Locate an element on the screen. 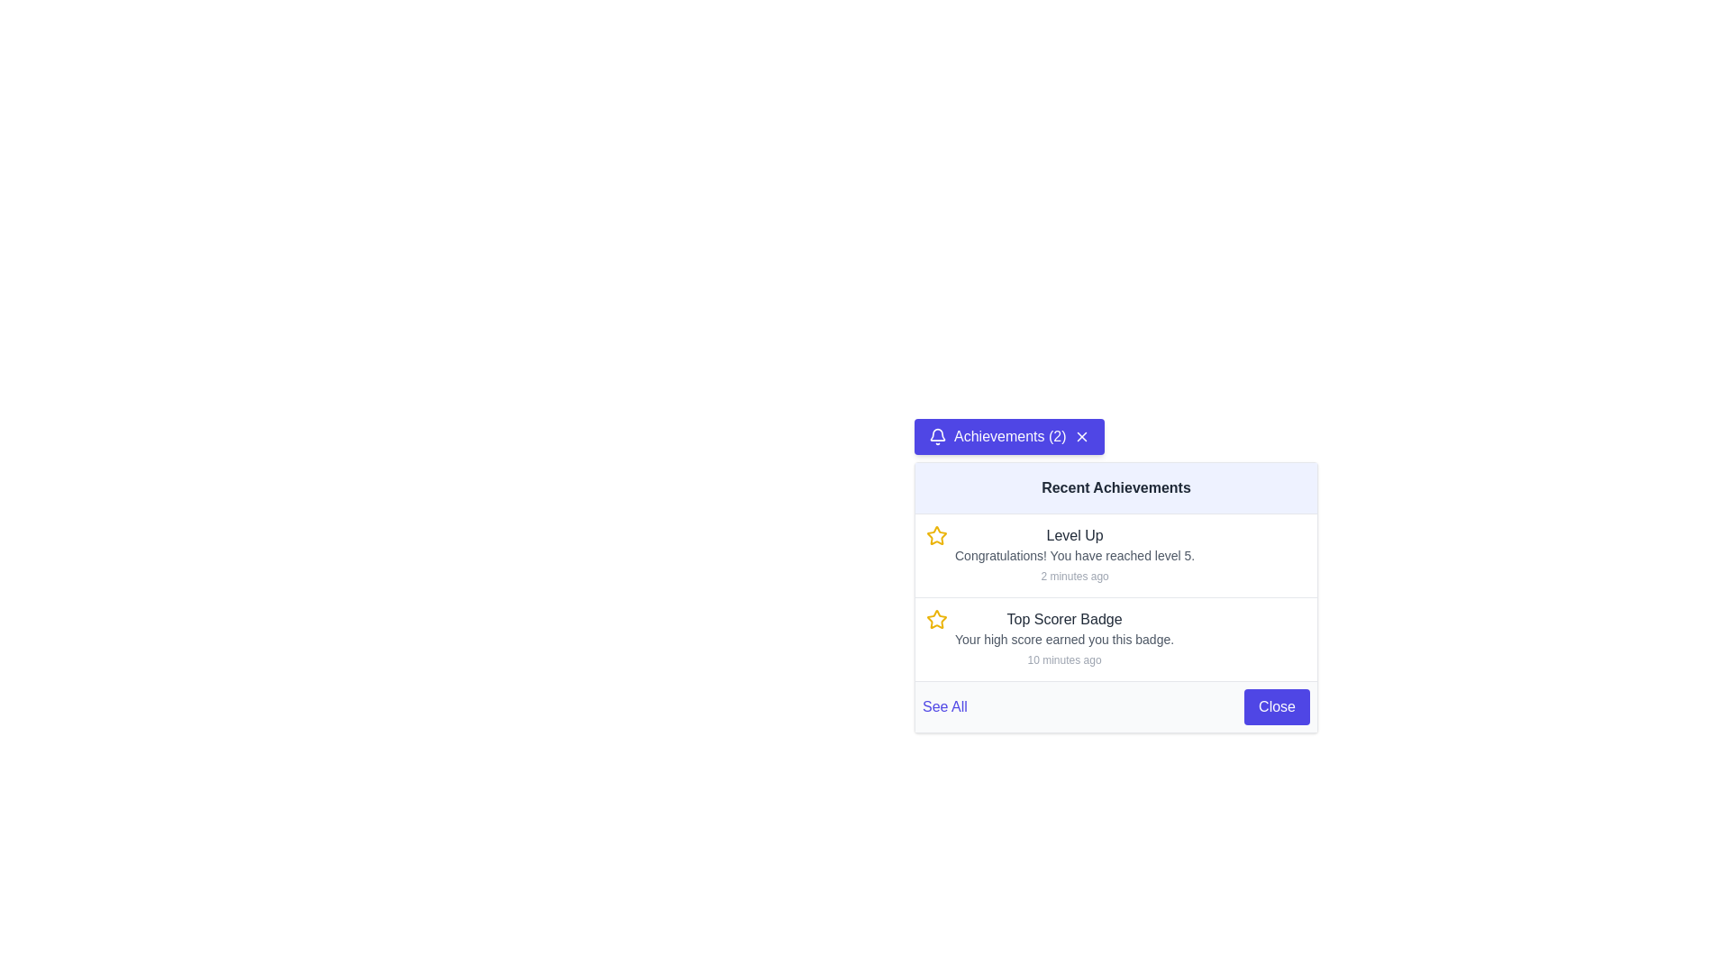 The image size is (1730, 973). the small text label indicating '10 minutes ago' located below the 'Top Scorer Badge' description is located at coordinates (1064, 659).